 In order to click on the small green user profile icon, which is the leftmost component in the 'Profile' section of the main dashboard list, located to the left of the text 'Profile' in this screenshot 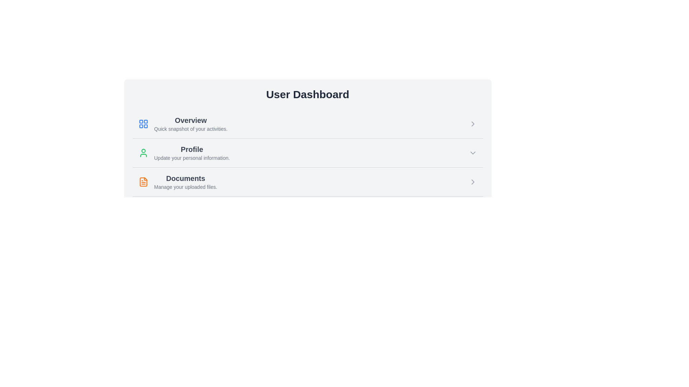, I will do `click(143, 153)`.